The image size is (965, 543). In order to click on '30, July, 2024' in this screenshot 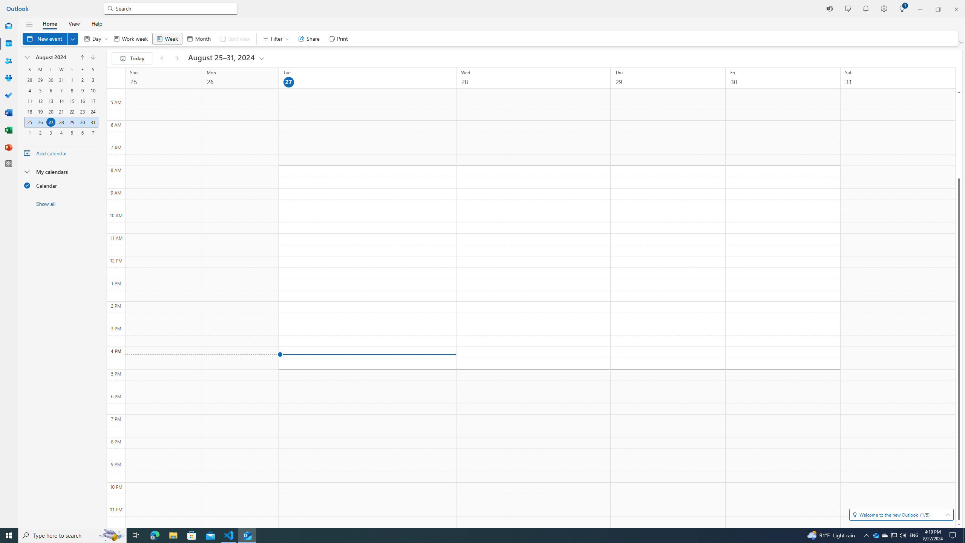, I will do `click(51, 80)`.